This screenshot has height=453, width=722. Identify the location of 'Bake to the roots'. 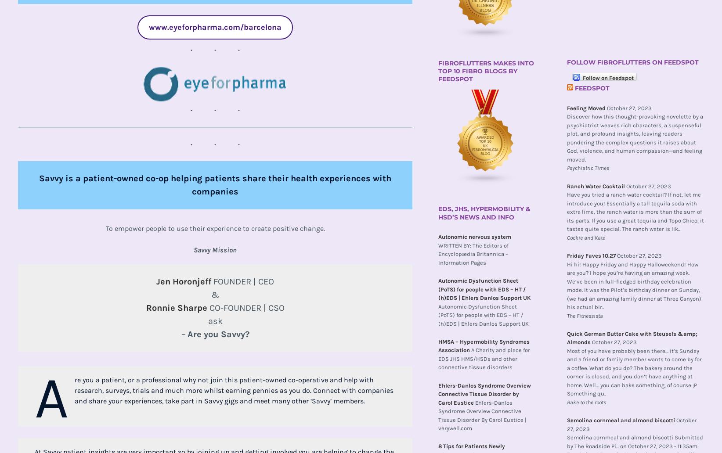
(586, 401).